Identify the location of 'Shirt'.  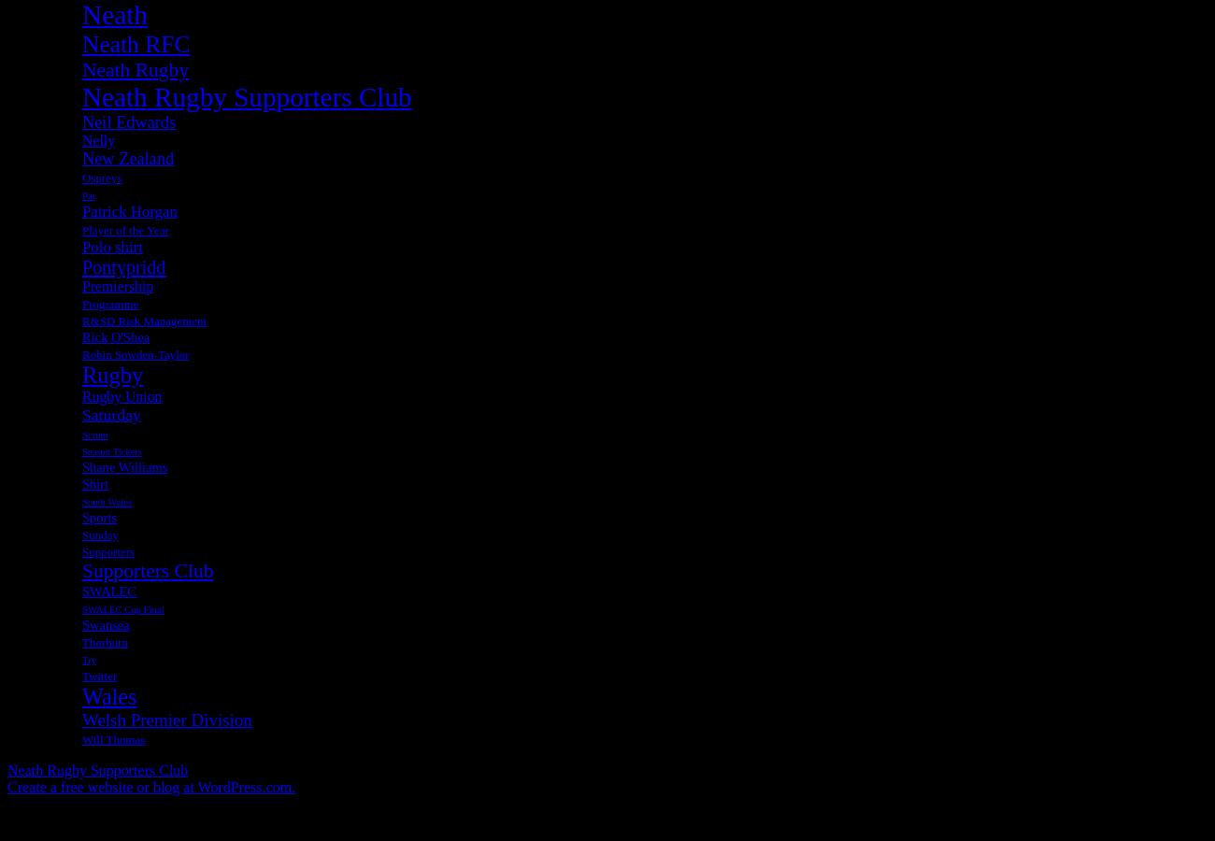
(95, 481).